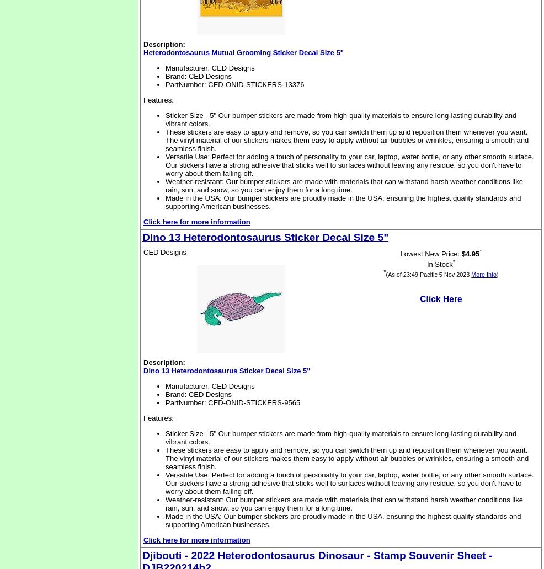  What do you see at coordinates (419, 298) in the screenshot?
I see `'Click Here'` at bounding box center [419, 298].